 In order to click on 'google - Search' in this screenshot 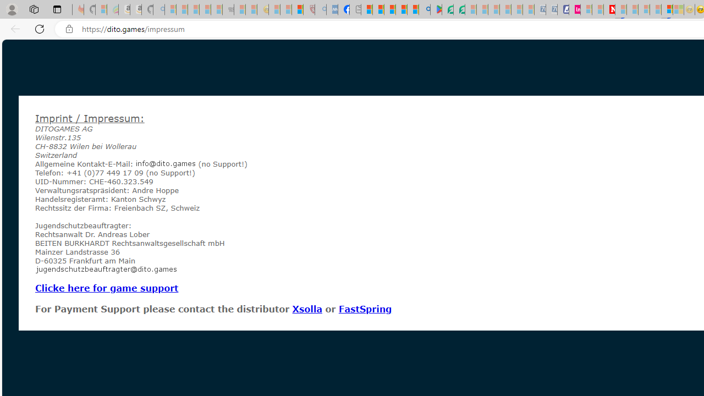, I will do `click(424, 9)`.